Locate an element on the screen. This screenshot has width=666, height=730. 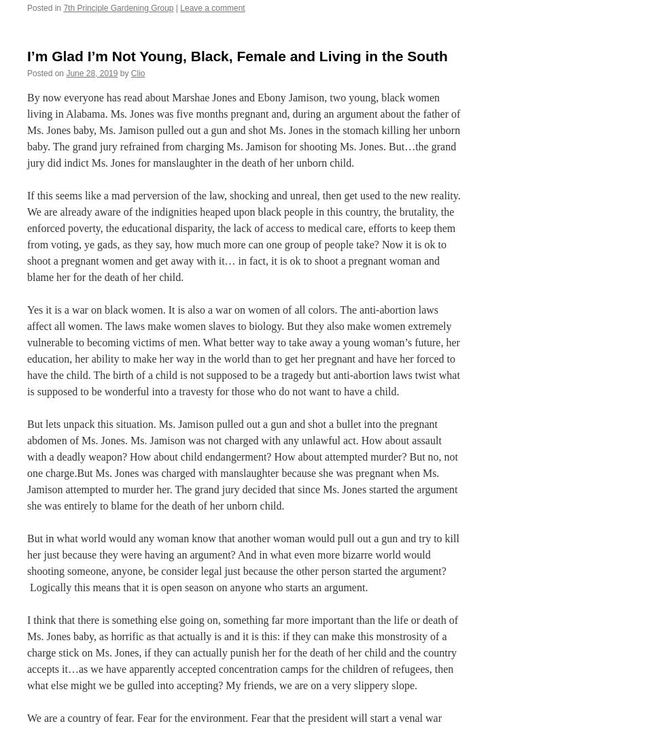
'Clio' is located at coordinates (137, 72).